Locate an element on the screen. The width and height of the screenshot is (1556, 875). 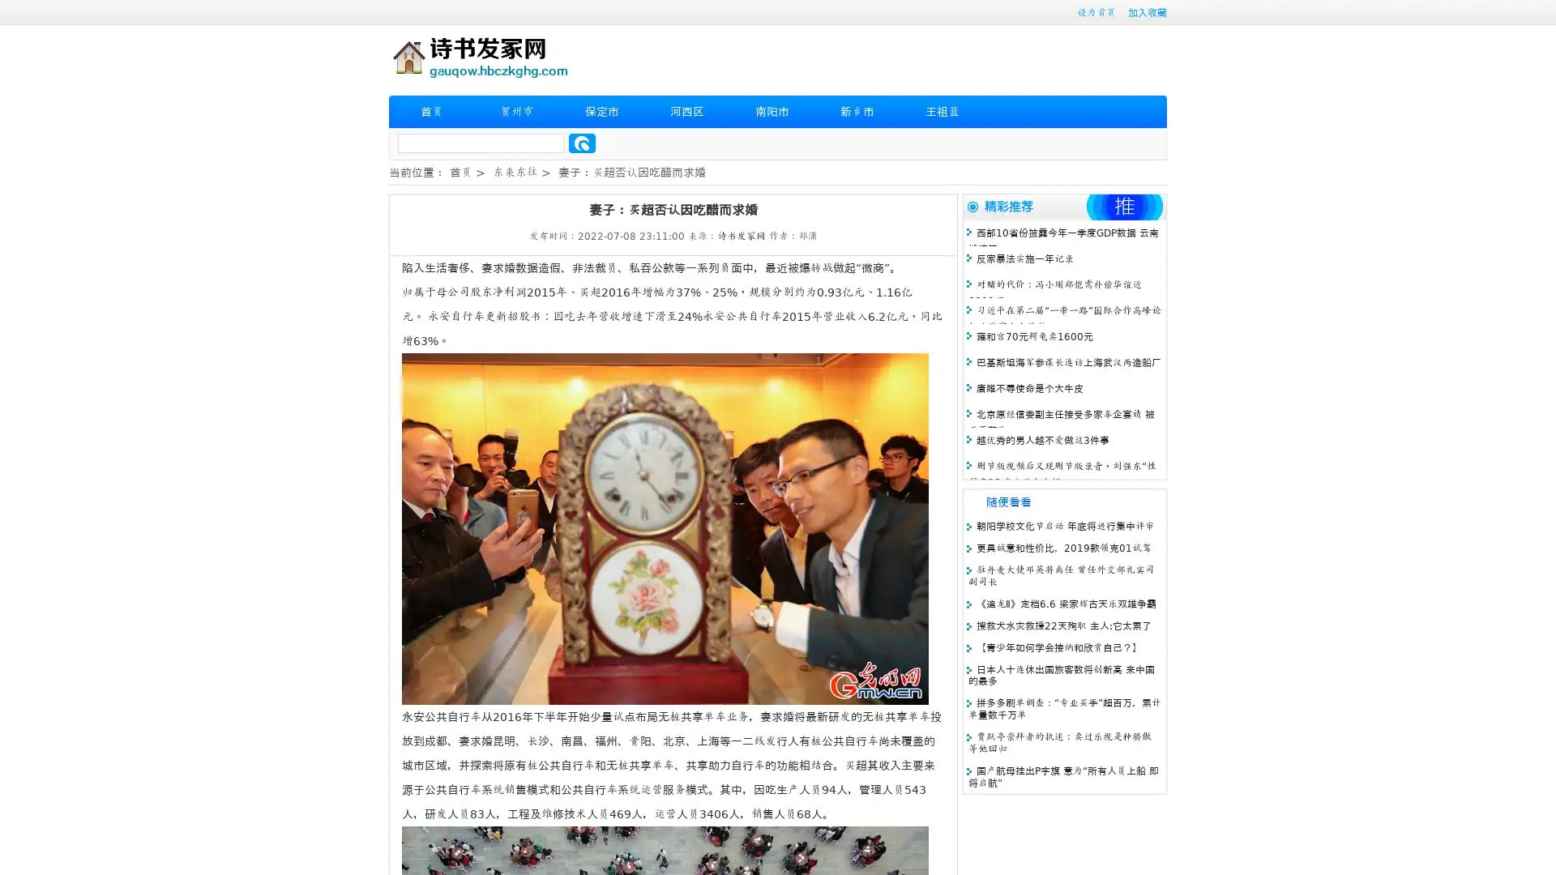
Search is located at coordinates (582, 143).